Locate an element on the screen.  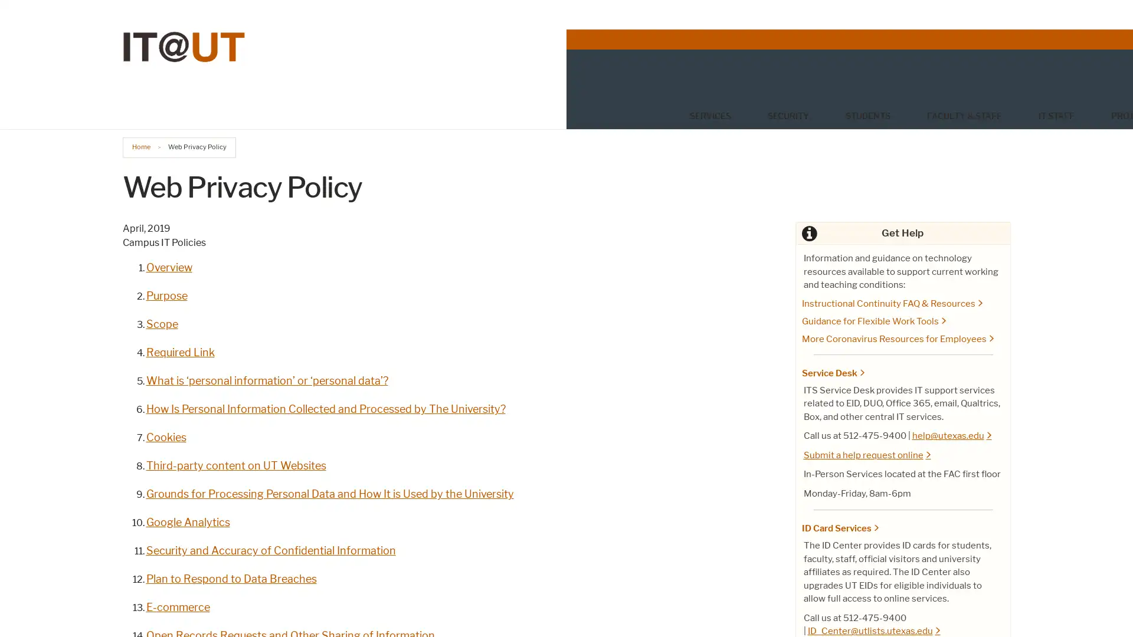
Search is located at coordinates (998, 86).